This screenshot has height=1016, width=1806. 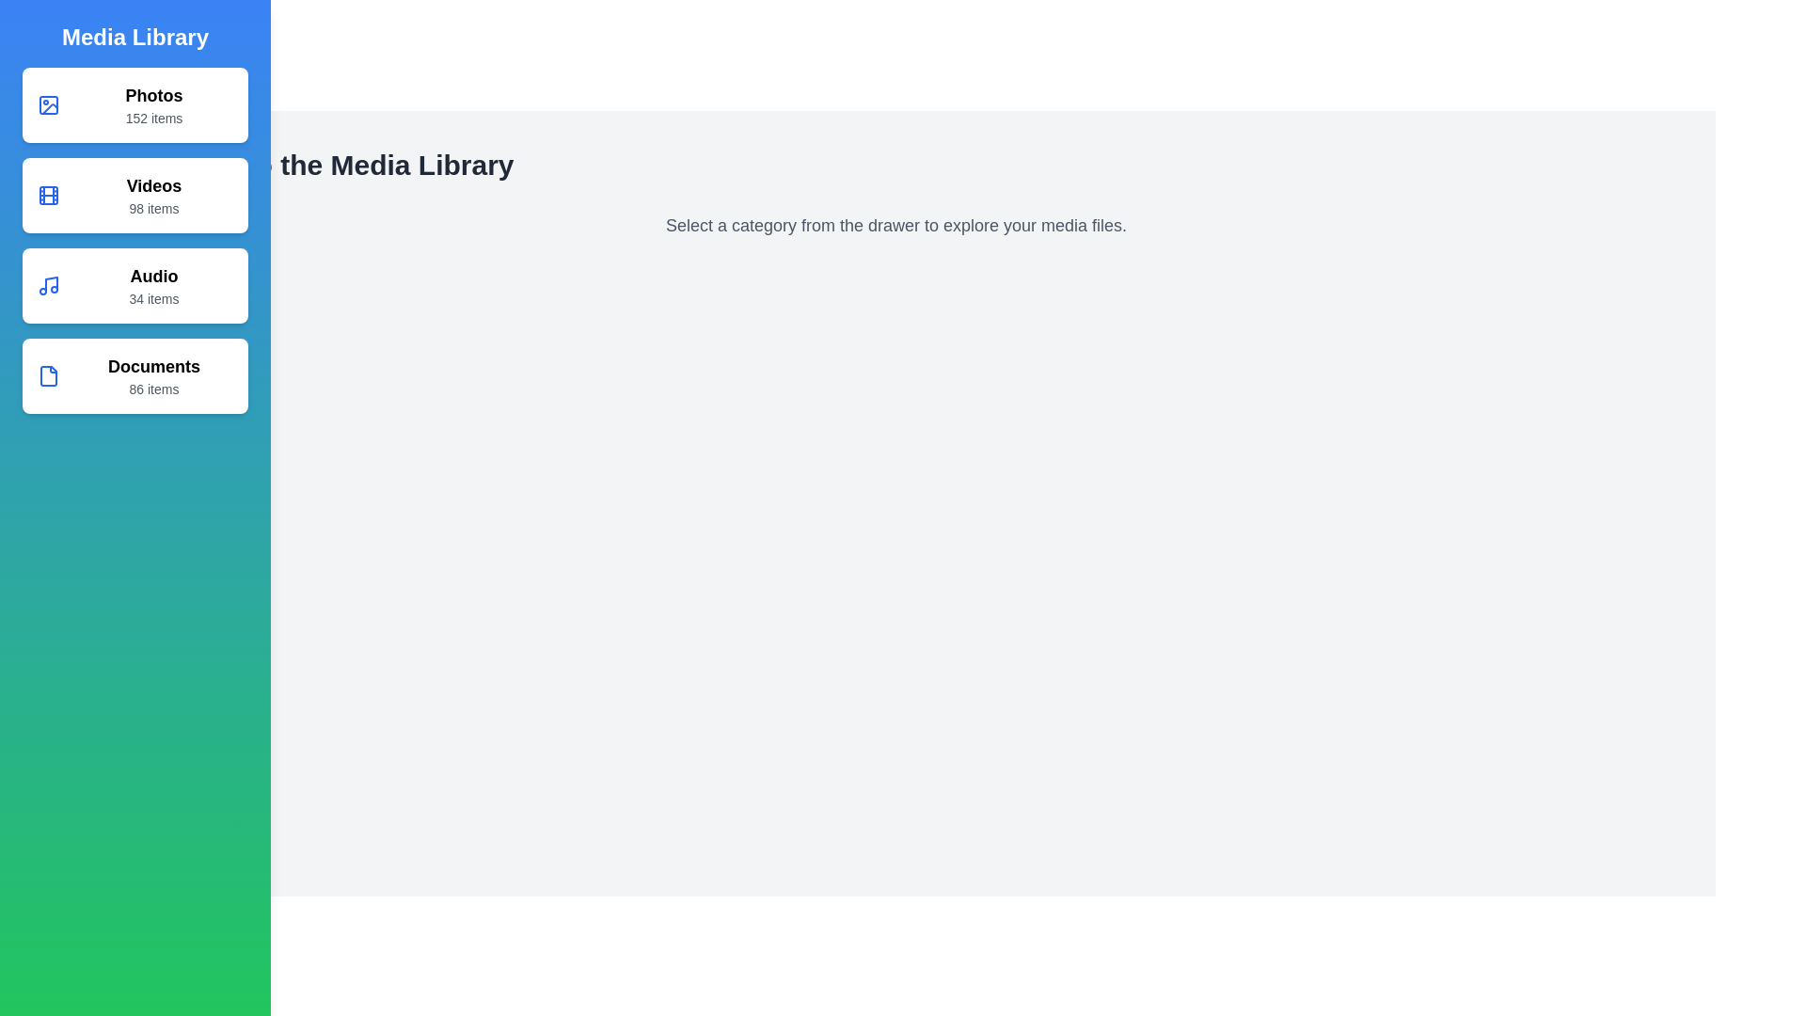 What do you see at coordinates (135, 286) in the screenshot?
I see `the media category Audio to observe its hover effect` at bounding box center [135, 286].